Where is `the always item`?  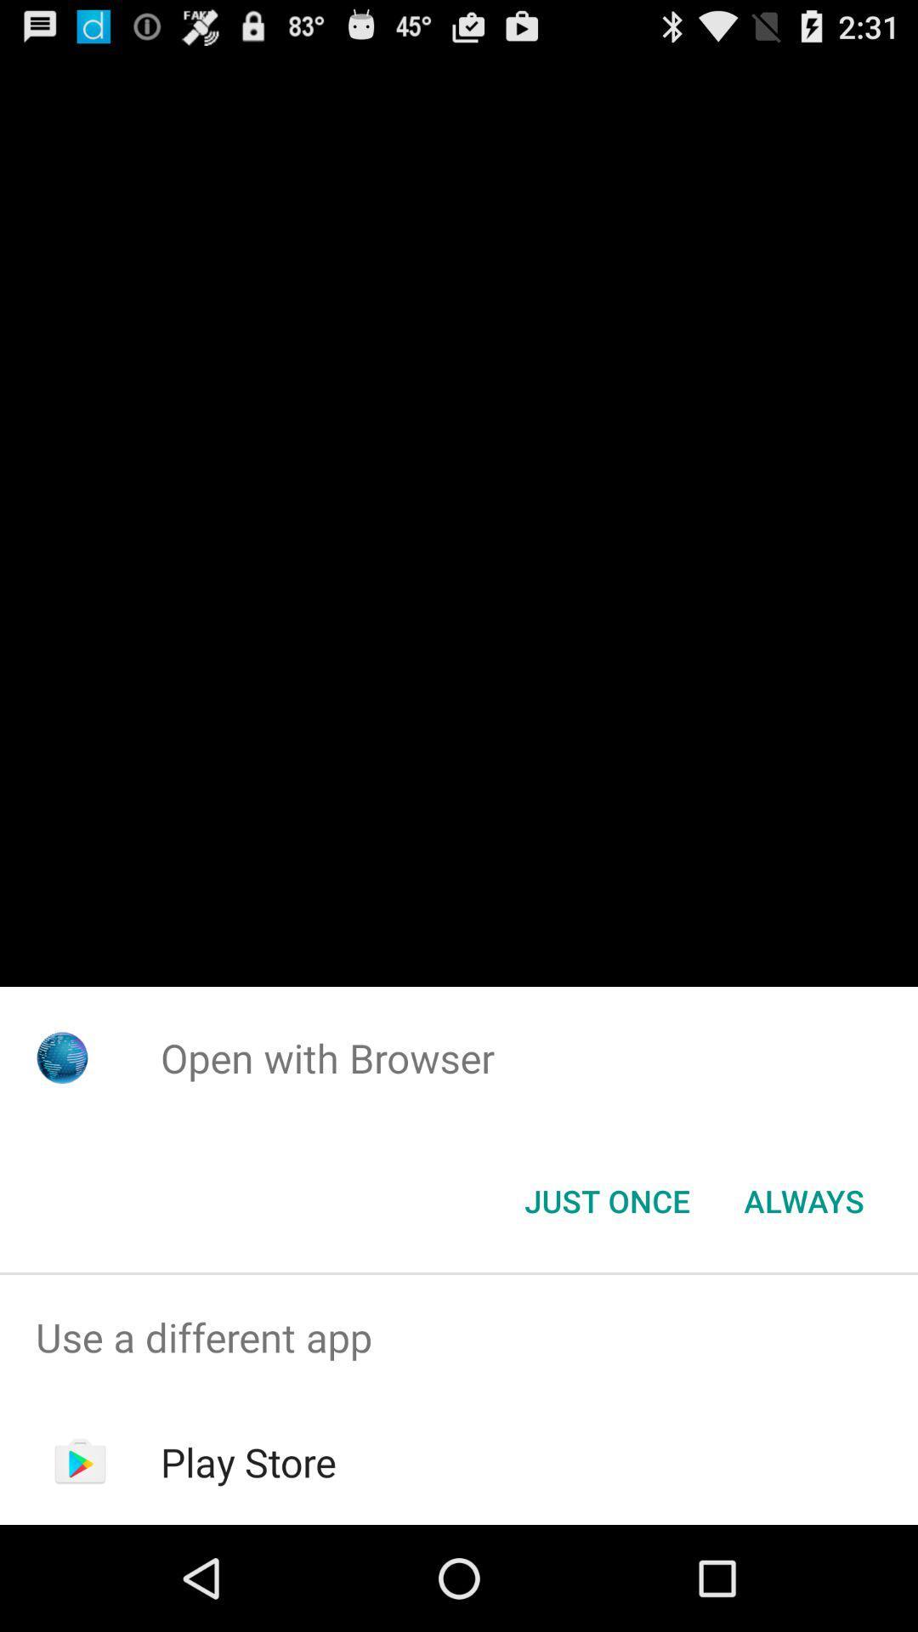
the always item is located at coordinates (803, 1199).